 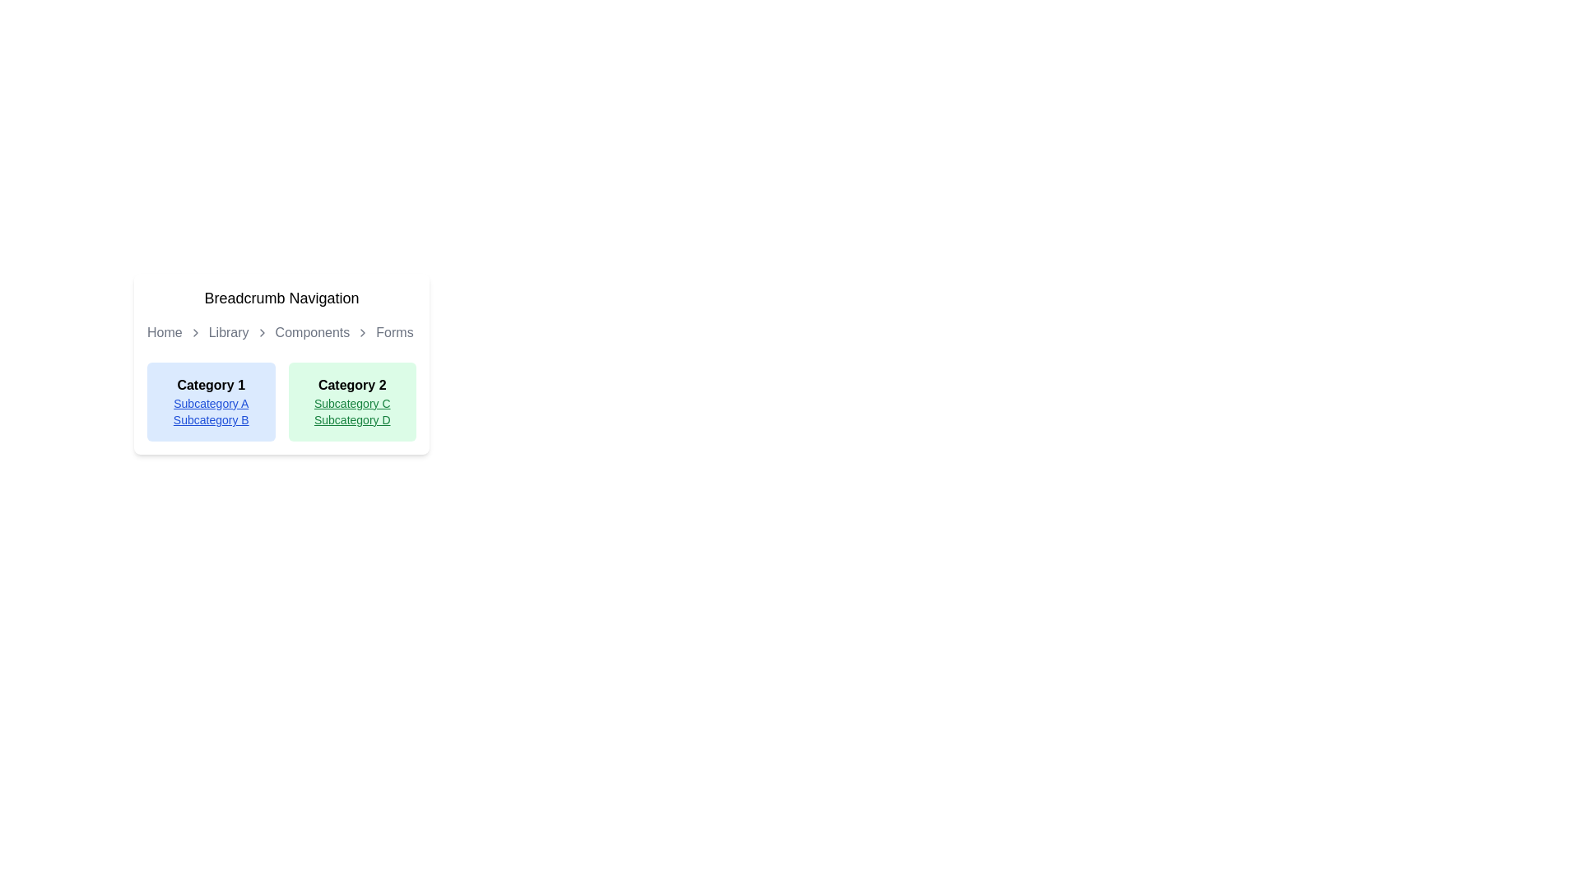 What do you see at coordinates (210, 419) in the screenshot?
I see `the blue text label reading 'Subcategory B'` at bounding box center [210, 419].